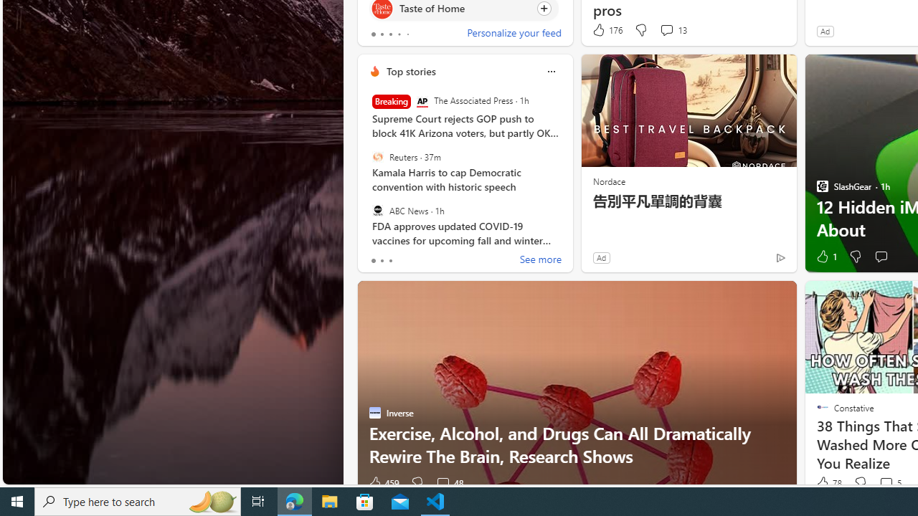 The image size is (918, 516). I want to click on '78 Like', so click(828, 483).